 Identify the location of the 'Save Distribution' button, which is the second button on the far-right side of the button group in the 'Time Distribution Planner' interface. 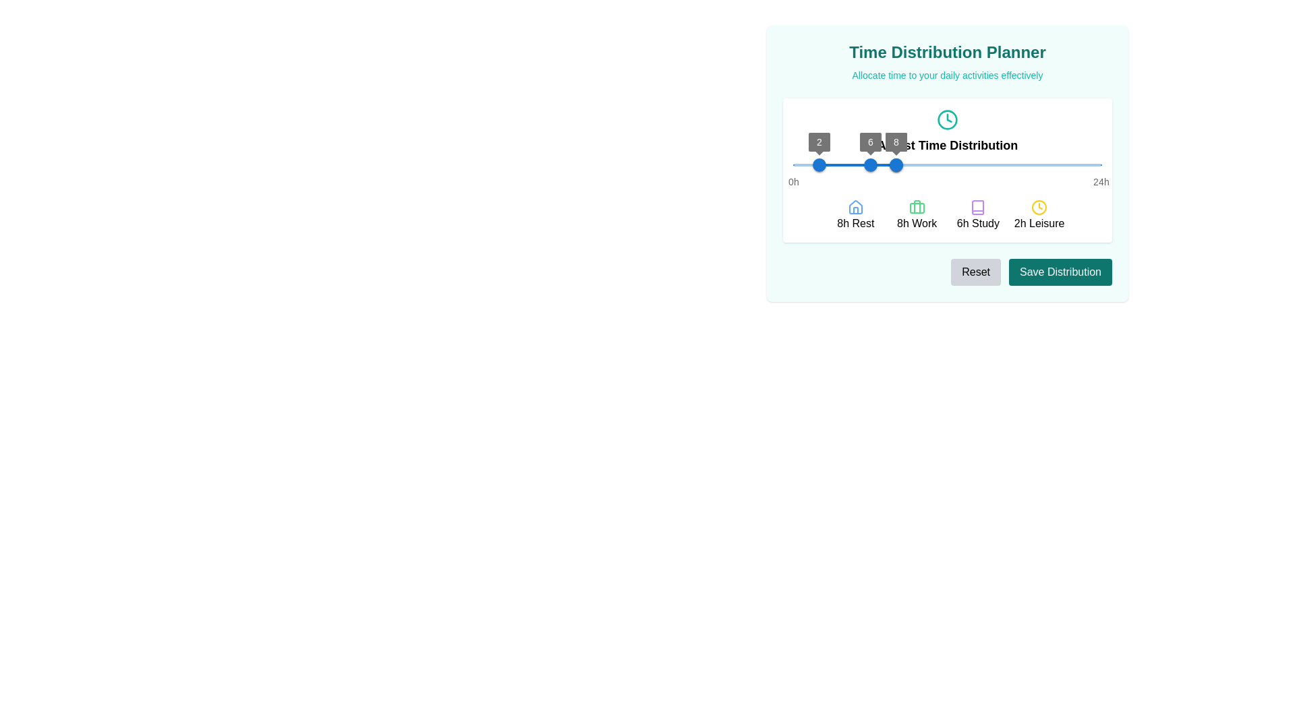
(1060, 272).